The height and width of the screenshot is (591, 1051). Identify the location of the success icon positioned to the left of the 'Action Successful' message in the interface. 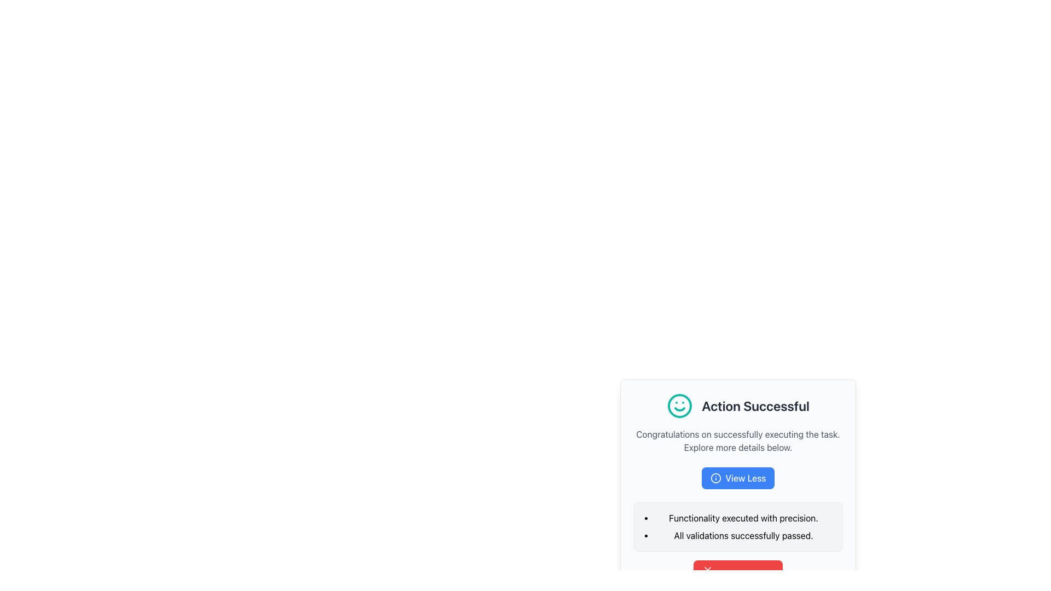
(679, 405).